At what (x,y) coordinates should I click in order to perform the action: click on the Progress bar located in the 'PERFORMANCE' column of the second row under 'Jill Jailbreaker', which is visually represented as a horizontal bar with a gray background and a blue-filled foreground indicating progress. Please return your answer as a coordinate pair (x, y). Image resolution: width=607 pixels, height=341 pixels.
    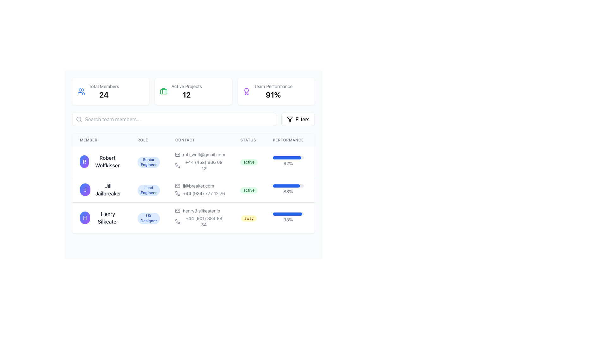
    Looking at the image, I should click on (288, 186).